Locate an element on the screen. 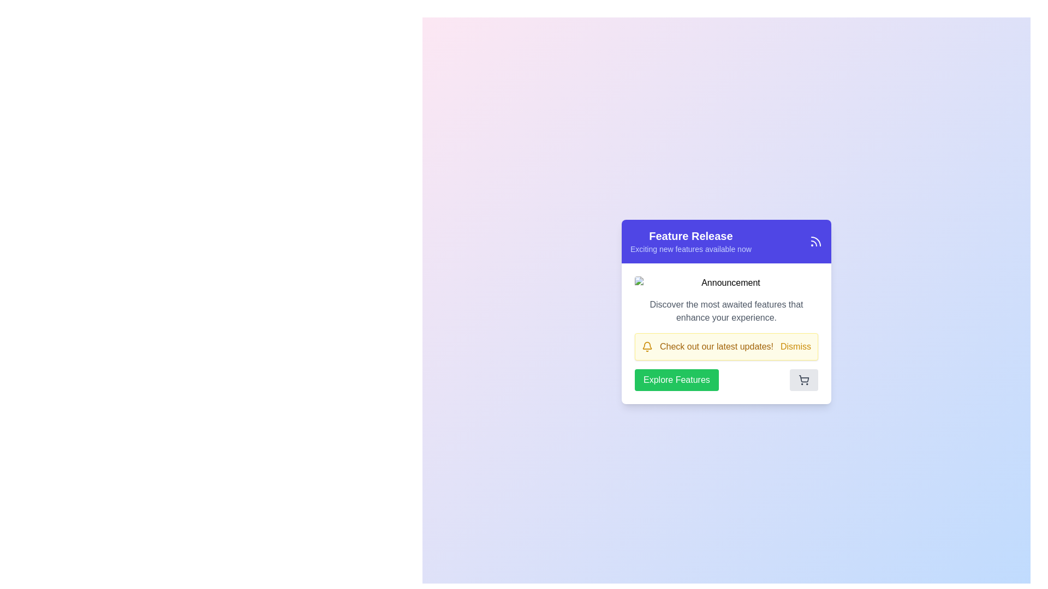  the RSS icon located in the top-right corner of the feature announcement card, which has a circular arc design with a dot at the bottom left and is styled with a white stroke is located at coordinates (815, 241).